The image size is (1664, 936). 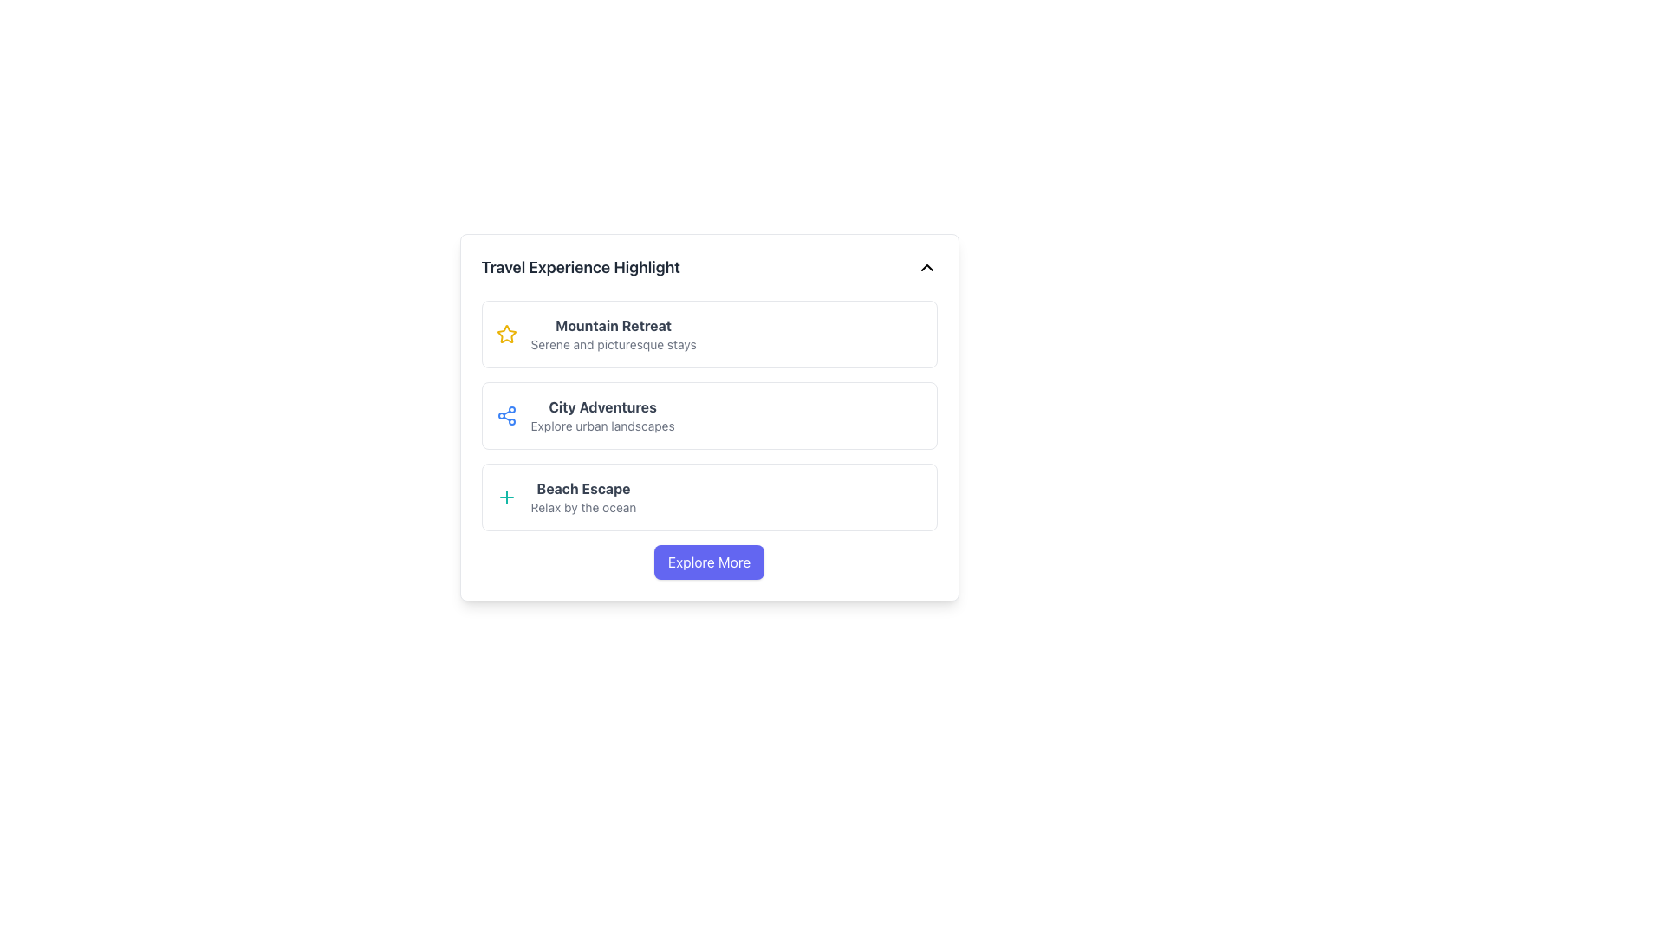 I want to click on the text element displaying 'Serene and picturesque stays', which is styled as small gray text and positioned below the heading 'Mountain Retreat', so click(x=614, y=344).